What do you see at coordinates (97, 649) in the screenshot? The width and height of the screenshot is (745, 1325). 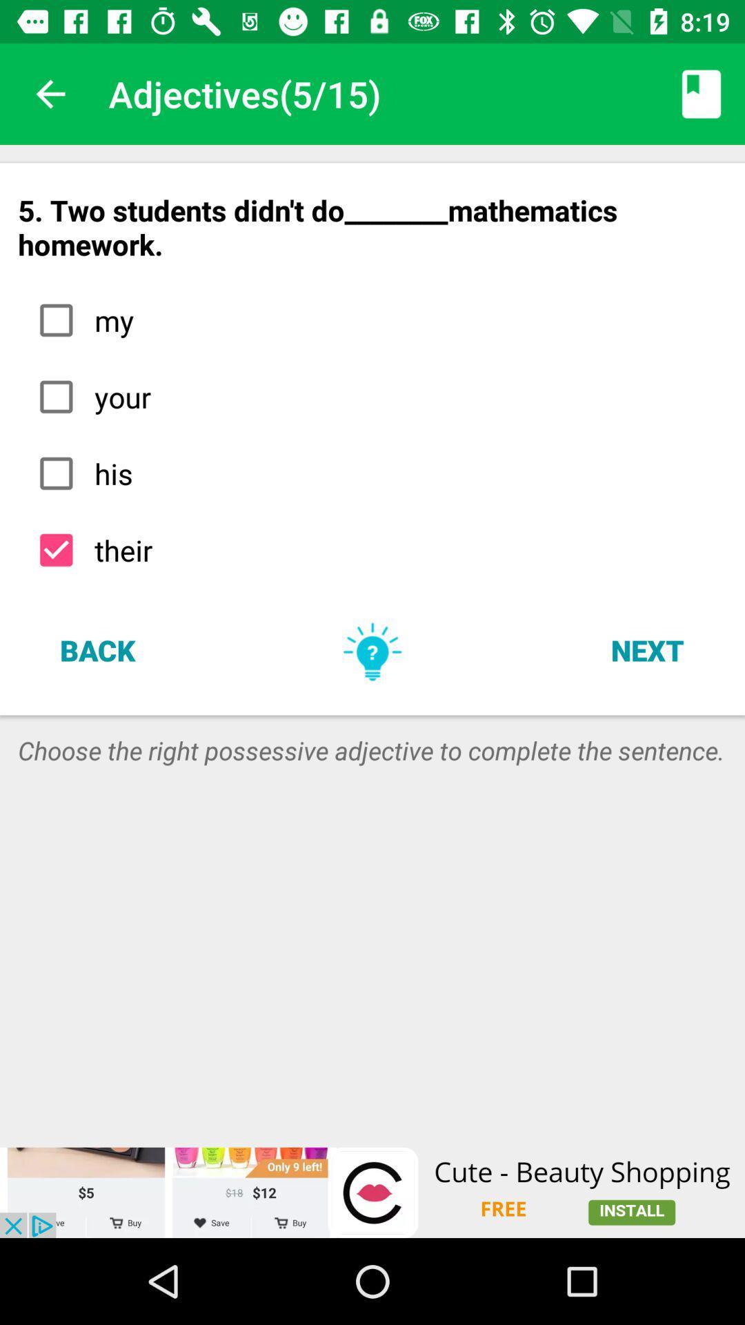 I see `back button` at bounding box center [97, 649].